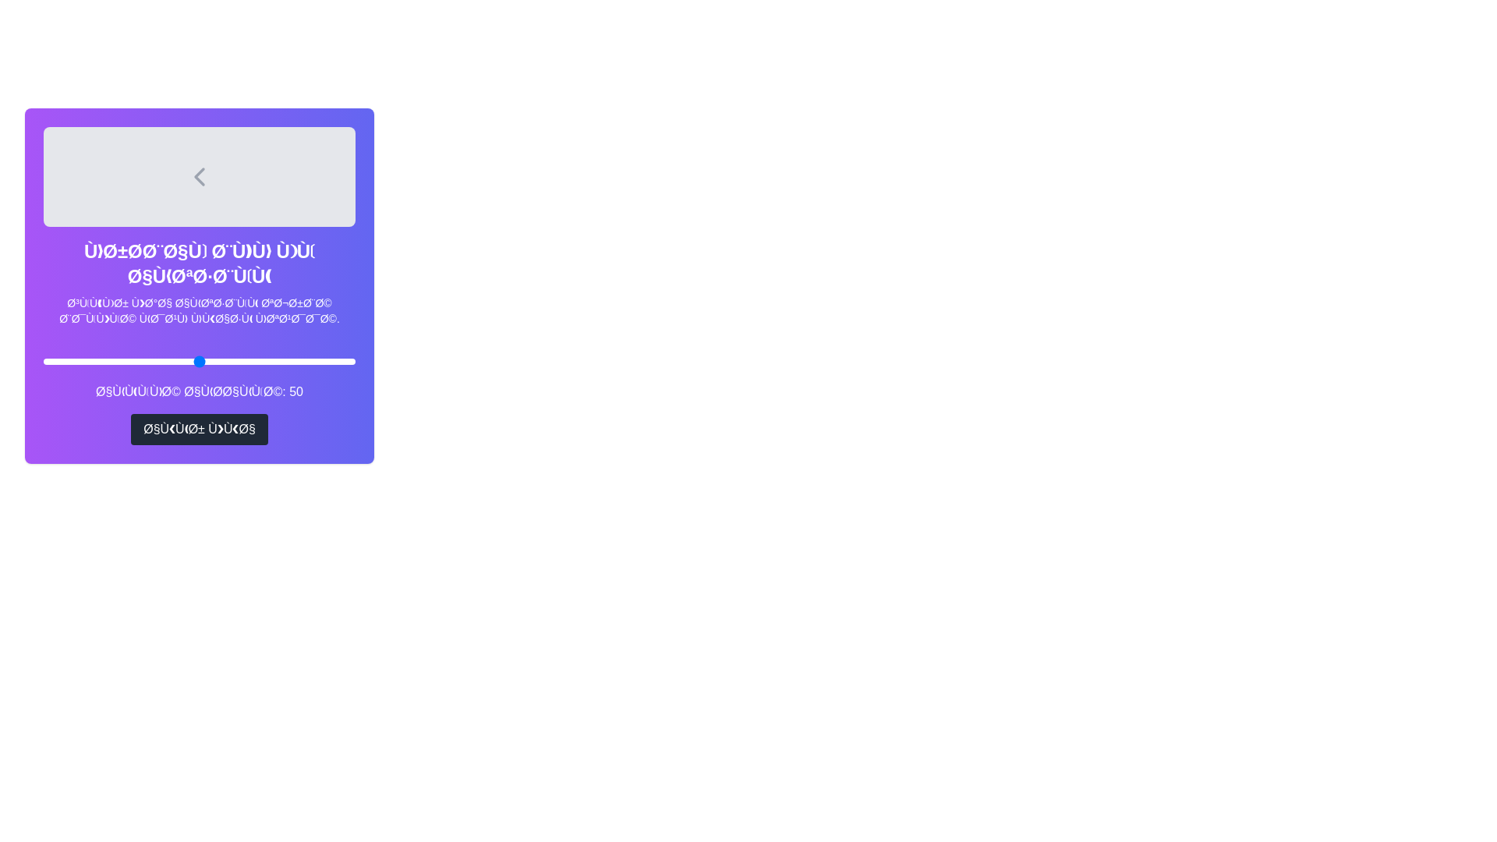  What do you see at coordinates (118, 361) in the screenshot?
I see `the slider value` at bounding box center [118, 361].